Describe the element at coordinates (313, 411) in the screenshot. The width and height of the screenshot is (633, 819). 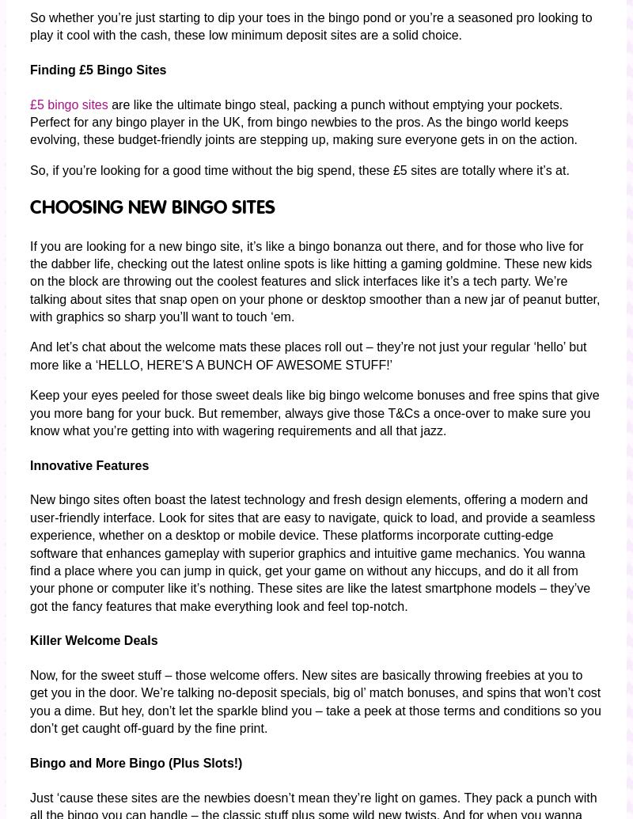
I see `'Keep your eyes peeled for those sweet deals like big bingo welcome bonuses and free spins that give you more bang for your buck. But remember, always give those T&Cs a once-over to make sure you know what you’re getting into with wagering requirements and all that jazz.'` at that location.